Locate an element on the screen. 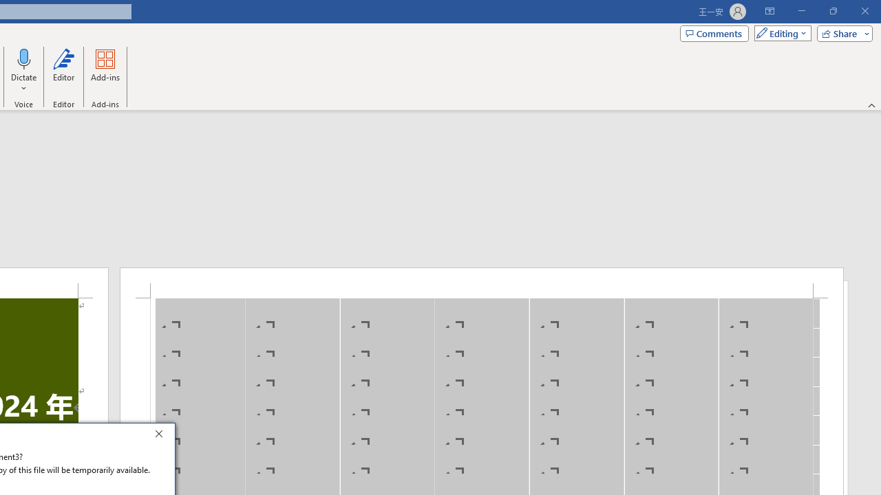 Image resolution: width=881 pixels, height=495 pixels. 'Dictate' is located at coordinates (24, 71).